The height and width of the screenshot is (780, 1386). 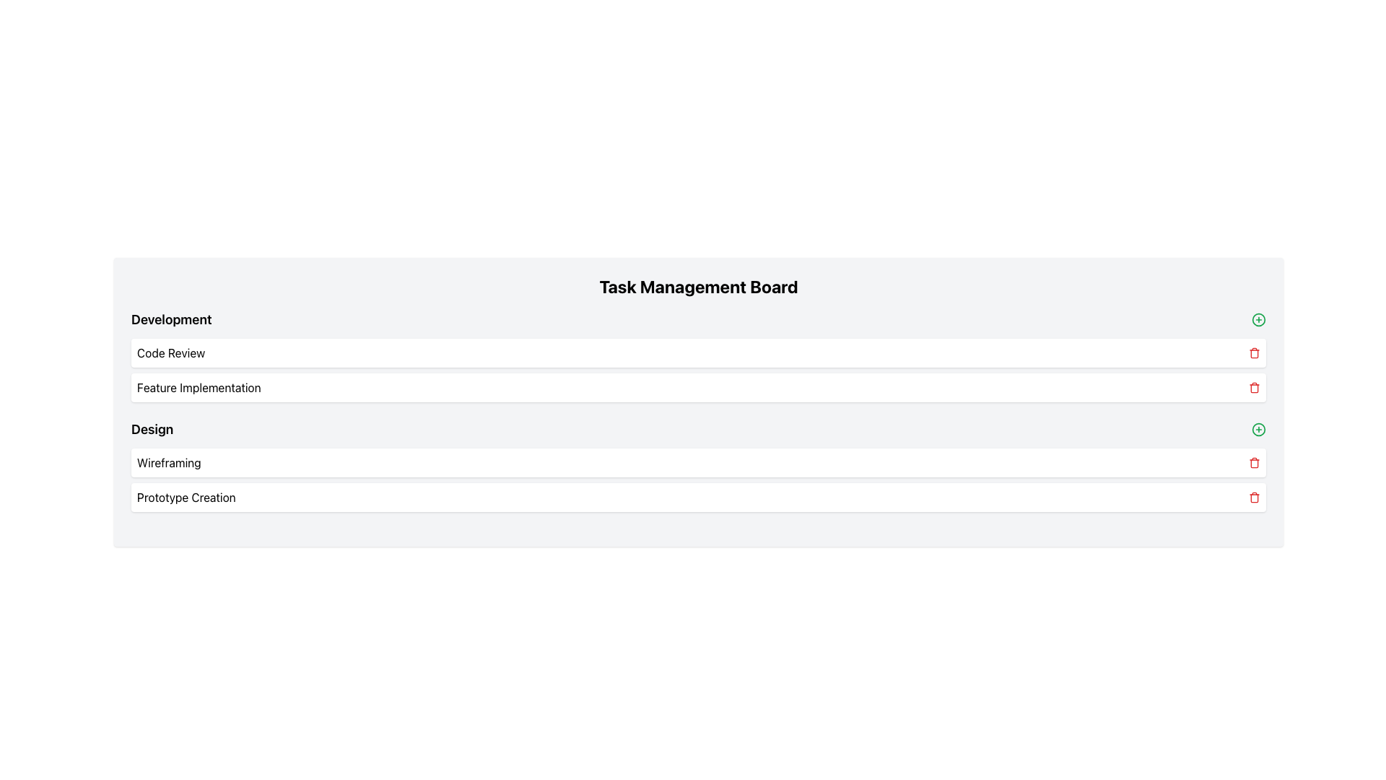 What do you see at coordinates (152, 428) in the screenshot?
I see `the text label displaying 'Design' in bold font style, positioned within the task management board interface, located between 'Feature Implementation' and 'Wireframing'` at bounding box center [152, 428].